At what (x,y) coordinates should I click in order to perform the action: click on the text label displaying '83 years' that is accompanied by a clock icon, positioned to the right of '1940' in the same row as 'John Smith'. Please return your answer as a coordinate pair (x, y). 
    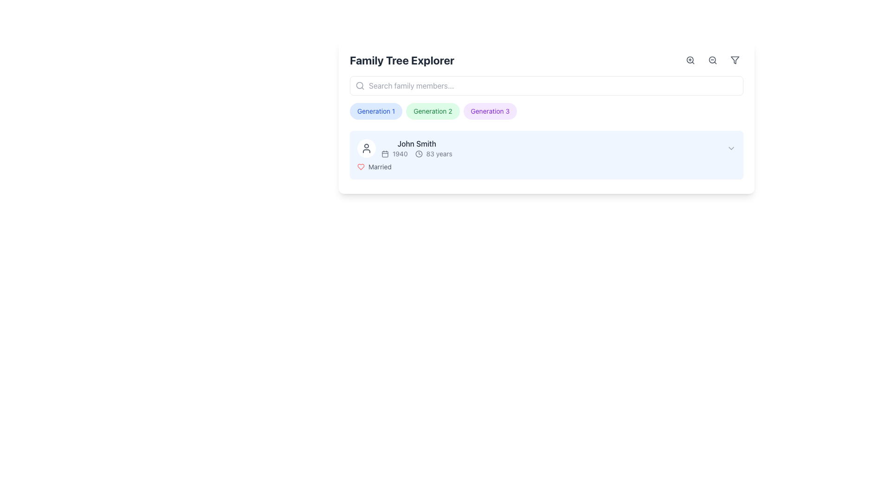
    Looking at the image, I should click on (416, 153).